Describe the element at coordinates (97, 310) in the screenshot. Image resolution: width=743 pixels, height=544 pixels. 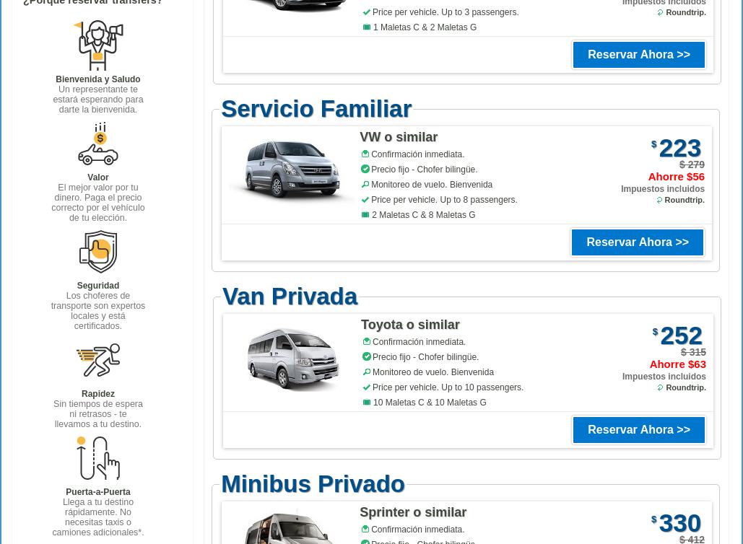
I see `'Los choferes de transporte son expertos locales y está certificados.'` at that location.